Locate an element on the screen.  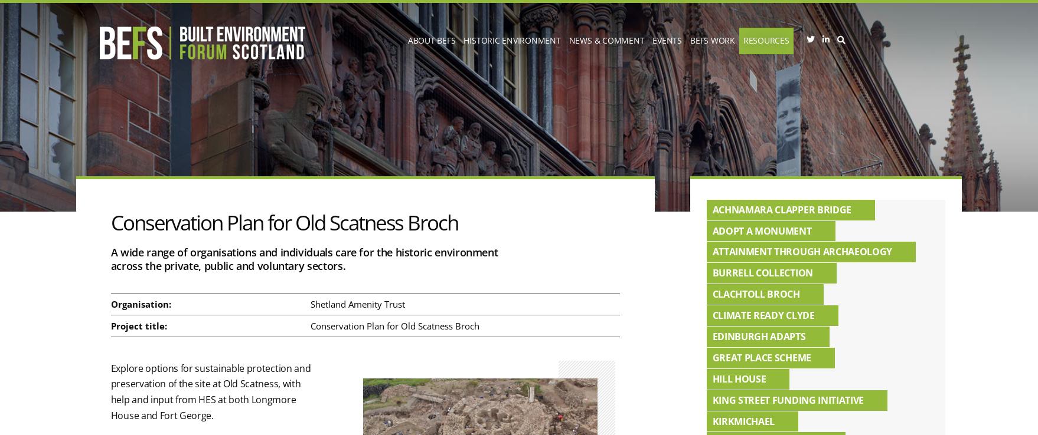
'Project title:' is located at coordinates (138, 325).